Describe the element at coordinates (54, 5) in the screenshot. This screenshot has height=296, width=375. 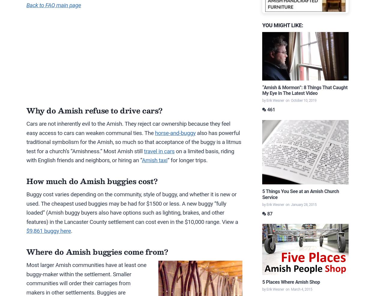
I see `'Back to FAQ main page'` at that location.